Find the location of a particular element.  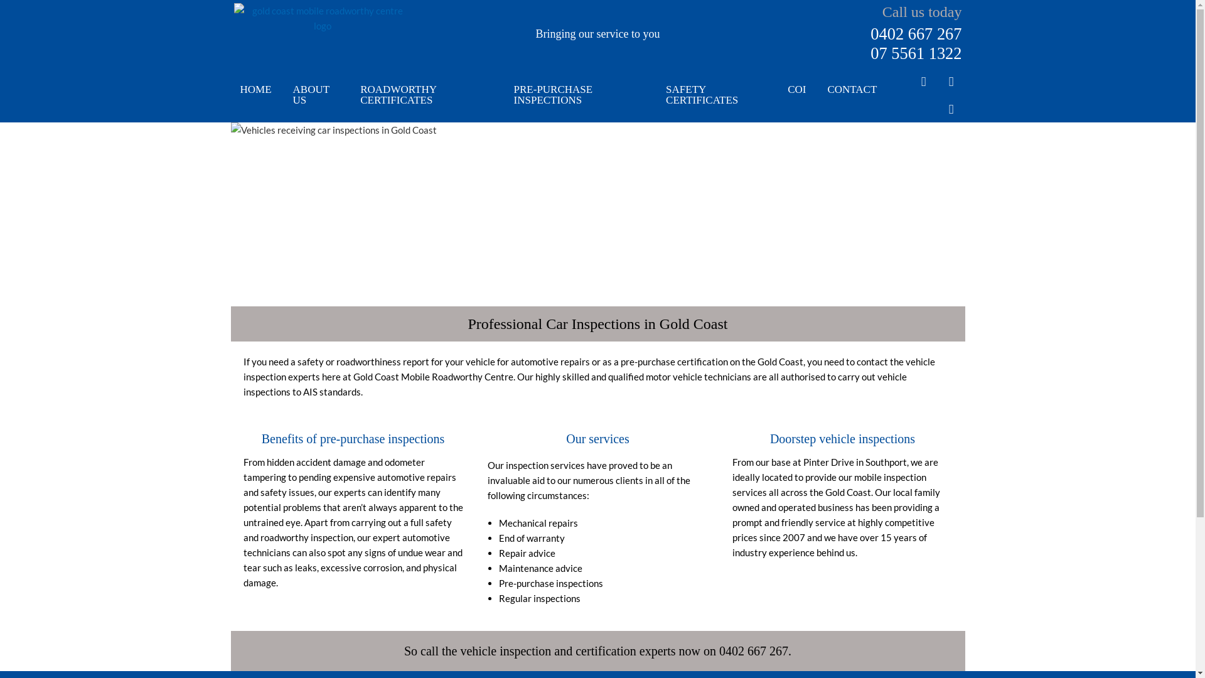

'0402 667 267' is located at coordinates (916, 33).